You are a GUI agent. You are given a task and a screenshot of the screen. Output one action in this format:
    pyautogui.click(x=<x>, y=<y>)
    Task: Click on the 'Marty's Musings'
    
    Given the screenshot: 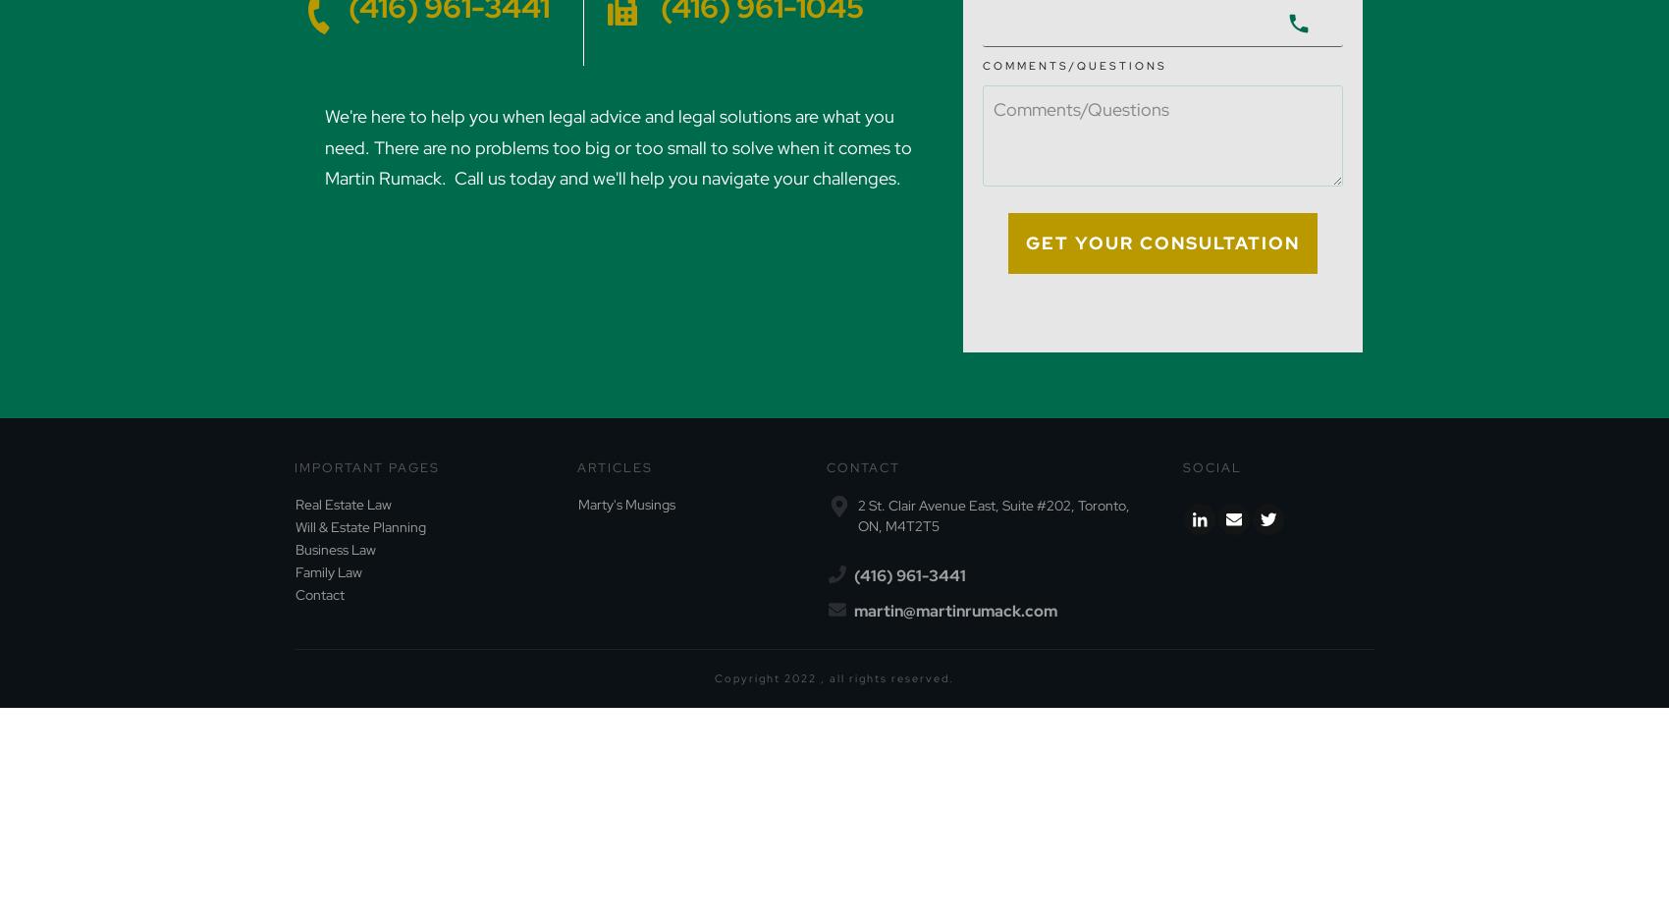 What is the action you would take?
    pyautogui.click(x=624, y=503)
    